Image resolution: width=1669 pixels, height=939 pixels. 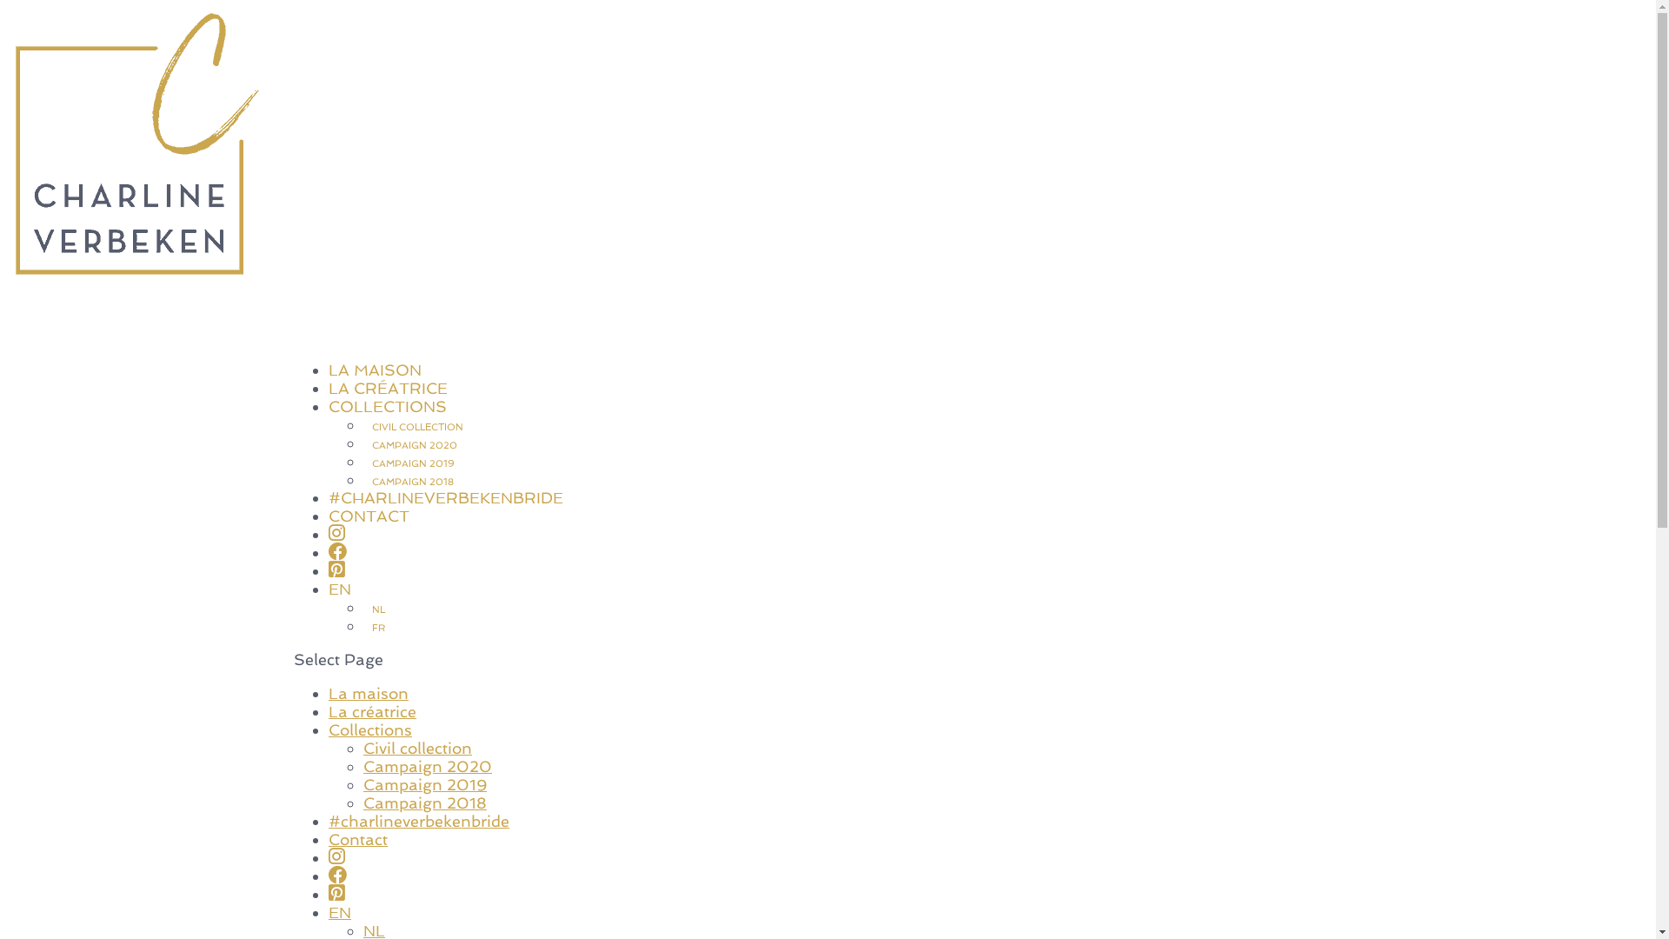 I want to click on 'Collections', so click(x=369, y=729).